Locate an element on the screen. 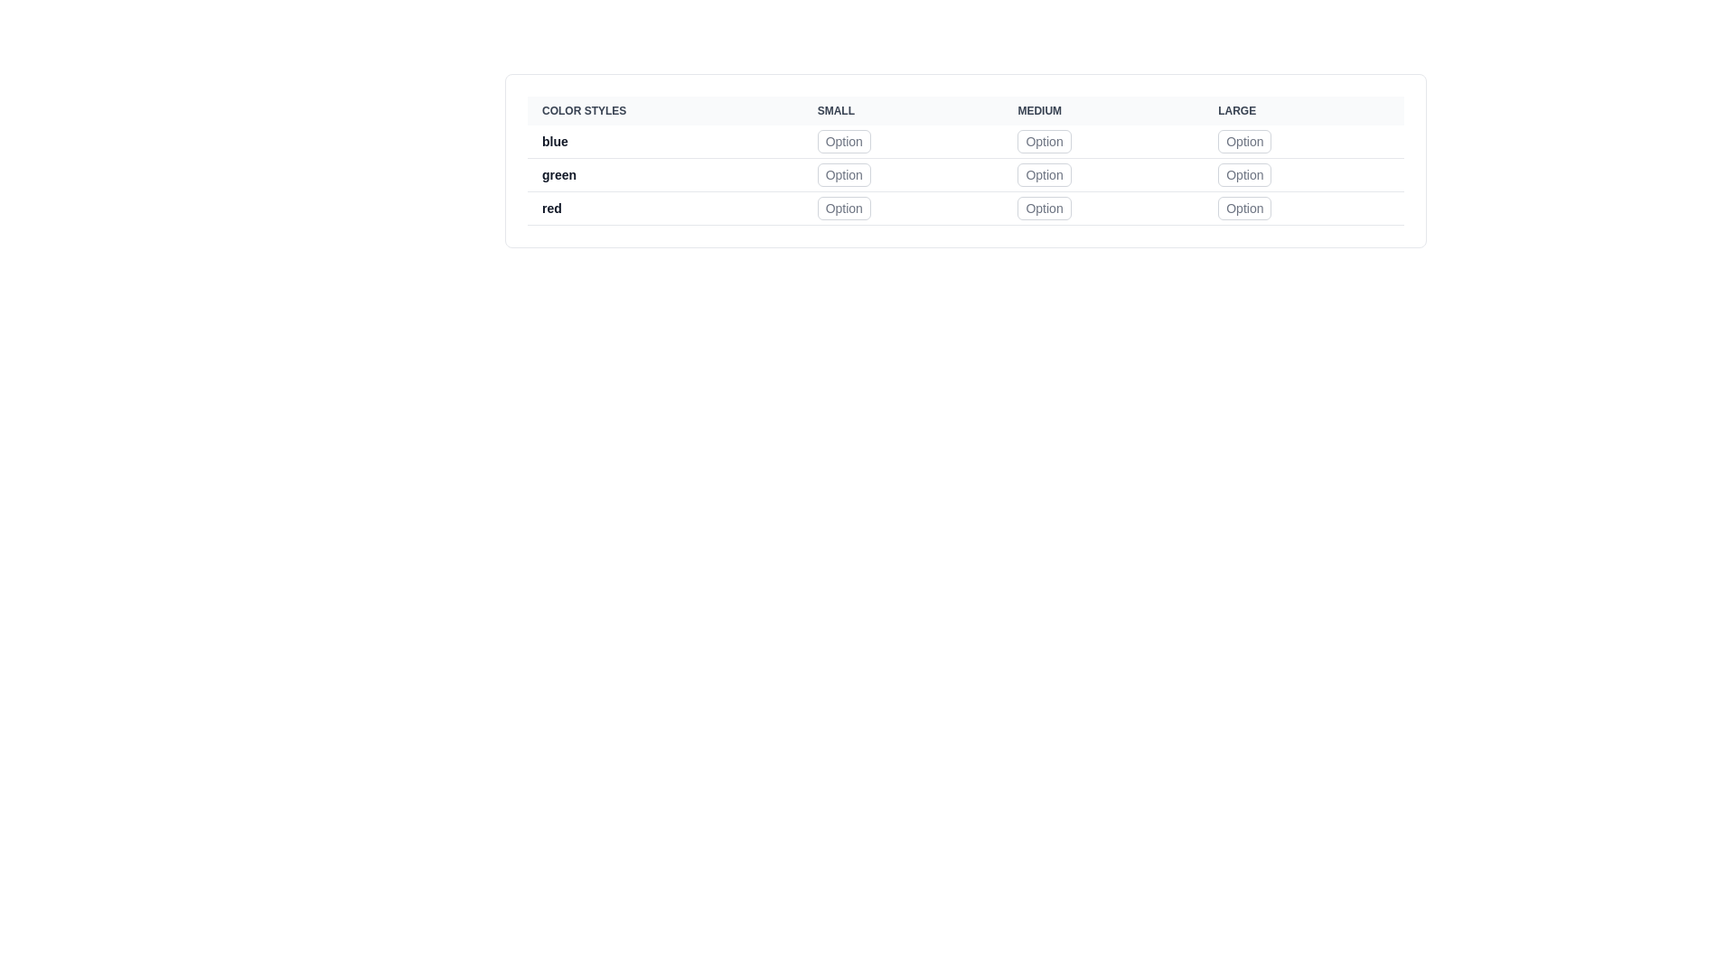  the button located in the 'red' row under the 'MEDIUM' column of the grid layout is located at coordinates (1045, 208).